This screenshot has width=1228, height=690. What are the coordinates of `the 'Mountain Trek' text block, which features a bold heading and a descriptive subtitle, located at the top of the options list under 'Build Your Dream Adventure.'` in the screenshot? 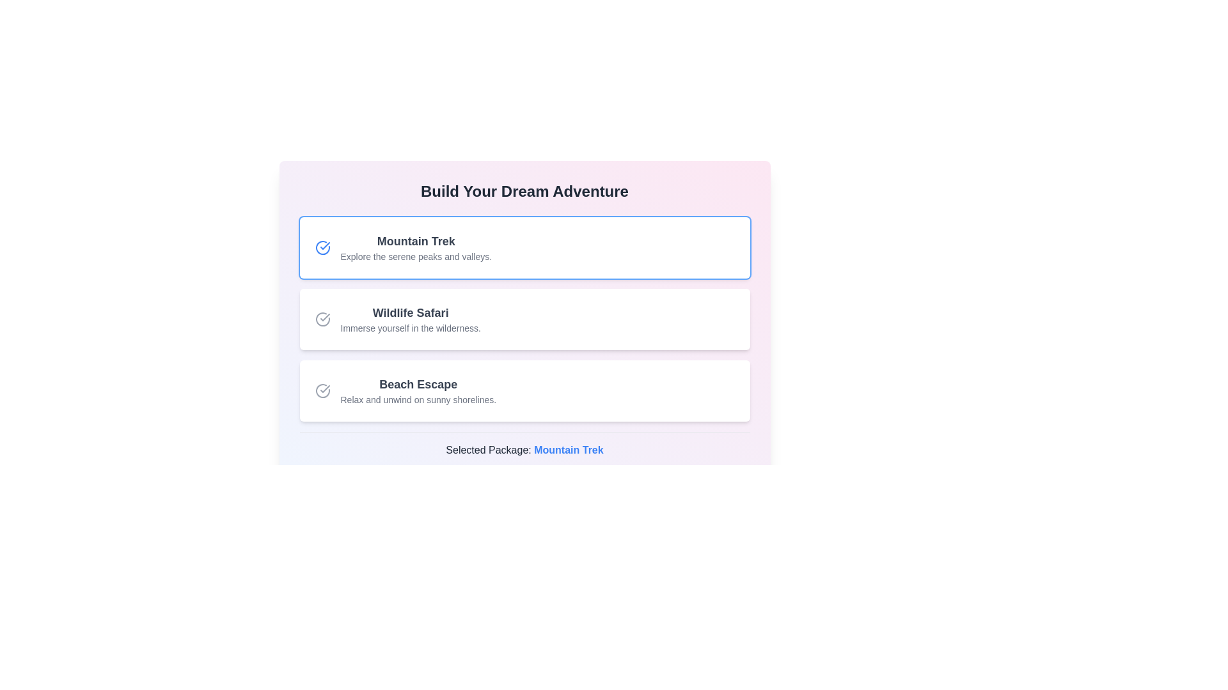 It's located at (416, 248).